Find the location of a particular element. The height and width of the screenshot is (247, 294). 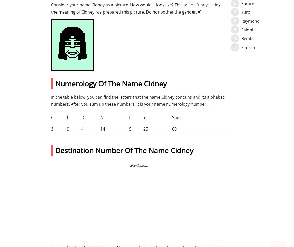

'Sum' is located at coordinates (176, 117).